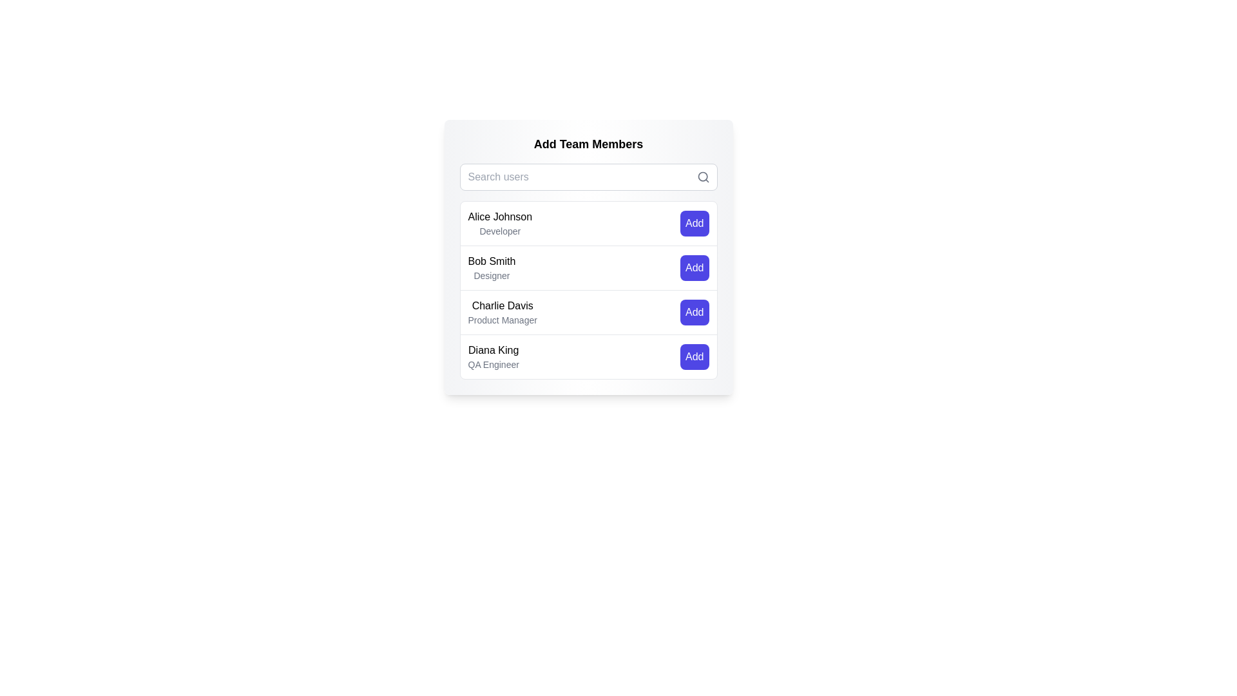  Describe the element at coordinates (588, 356) in the screenshot. I see `displayed information from the list item containing the name 'Diana King', the subtitle 'QA Engineer', and the 'Add' button on the right, which is the last item in the vertically stacked list` at that location.